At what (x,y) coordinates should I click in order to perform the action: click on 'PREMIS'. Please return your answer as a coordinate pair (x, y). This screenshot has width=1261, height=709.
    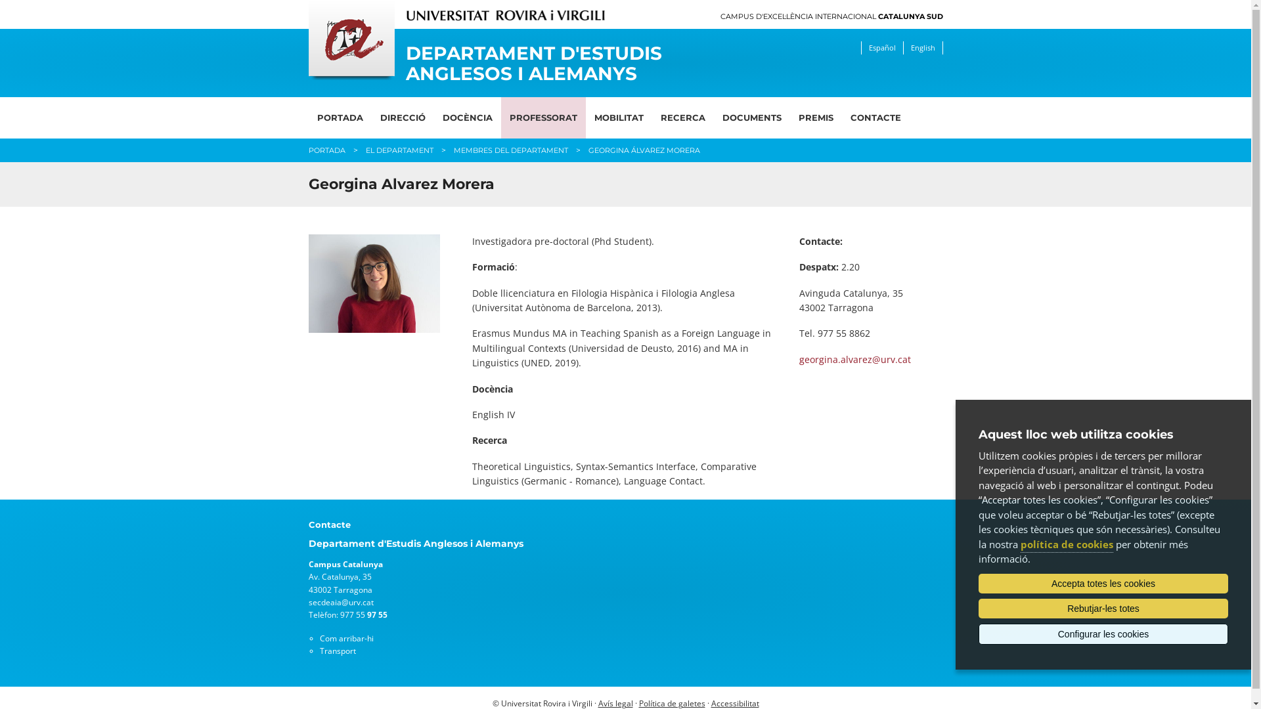
    Looking at the image, I should click on (814, 117).